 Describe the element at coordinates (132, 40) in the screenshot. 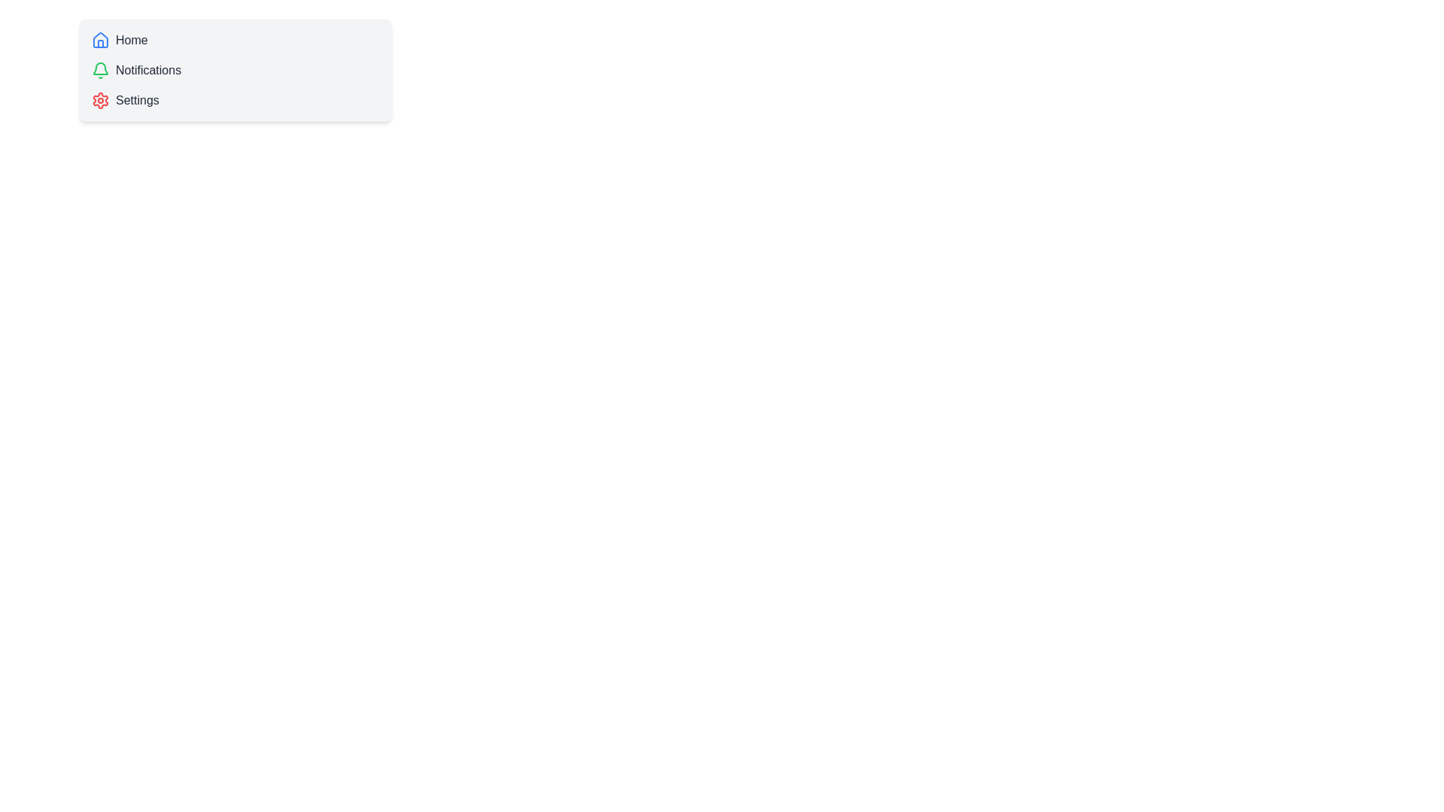

I see `the text label reading 'Home', which is styled in bold gray font and positioned next to a blue 'house' icon in a vertical navigation layout` at that location.